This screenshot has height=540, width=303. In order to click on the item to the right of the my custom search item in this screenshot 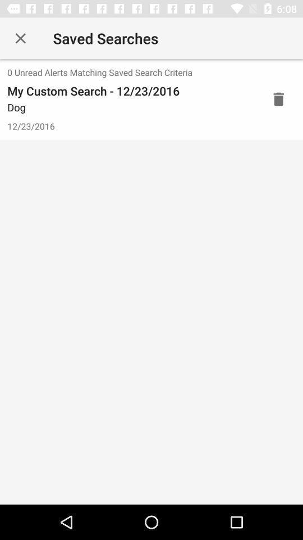, I will do `click(278, 98)`.